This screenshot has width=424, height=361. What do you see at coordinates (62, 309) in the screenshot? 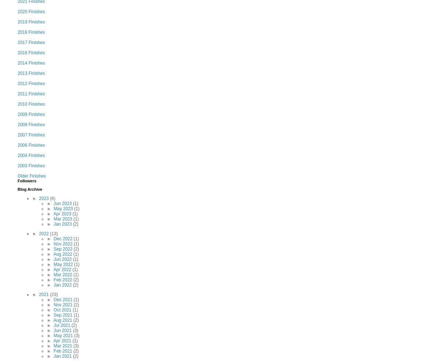
I see `'Oct 2021'` at bounding box center [62, 309].